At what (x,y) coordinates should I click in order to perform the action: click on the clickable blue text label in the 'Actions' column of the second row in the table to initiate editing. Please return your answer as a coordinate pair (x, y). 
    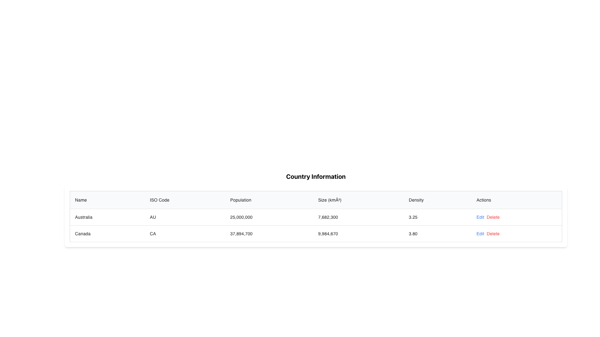
    Looking at the image, I should click on (480, 233).